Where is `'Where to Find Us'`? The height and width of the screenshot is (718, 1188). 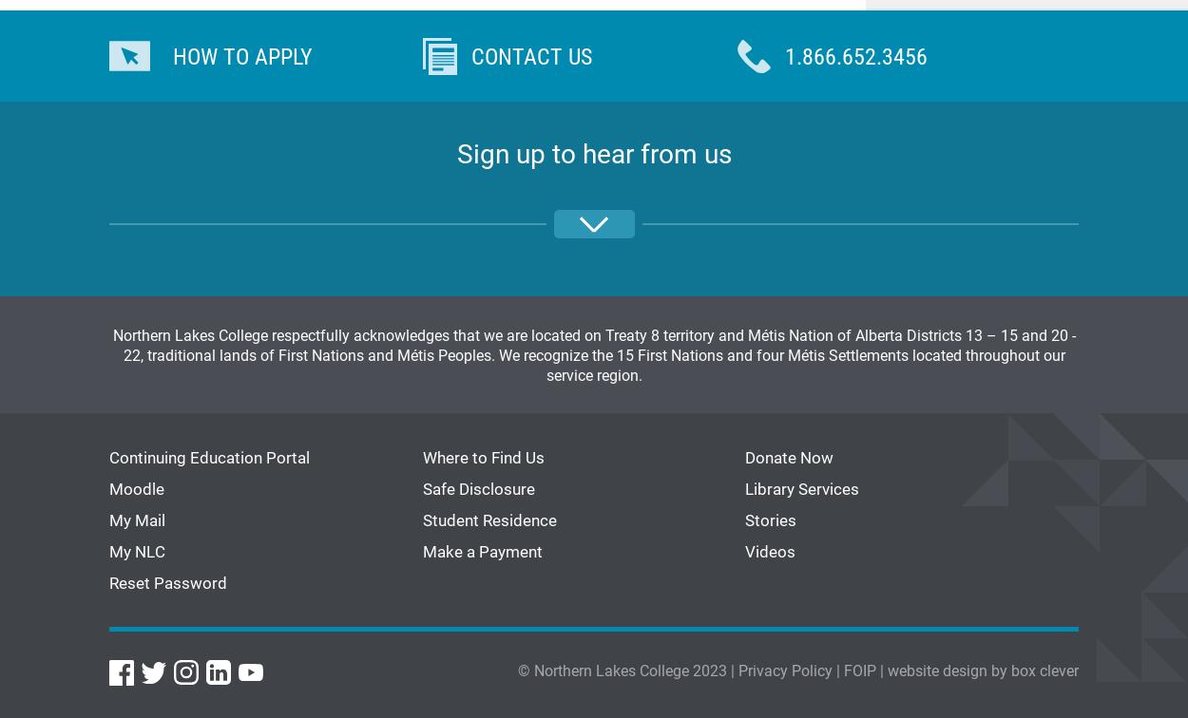 'Where to Find Us' is located at coordinates (422, 456).